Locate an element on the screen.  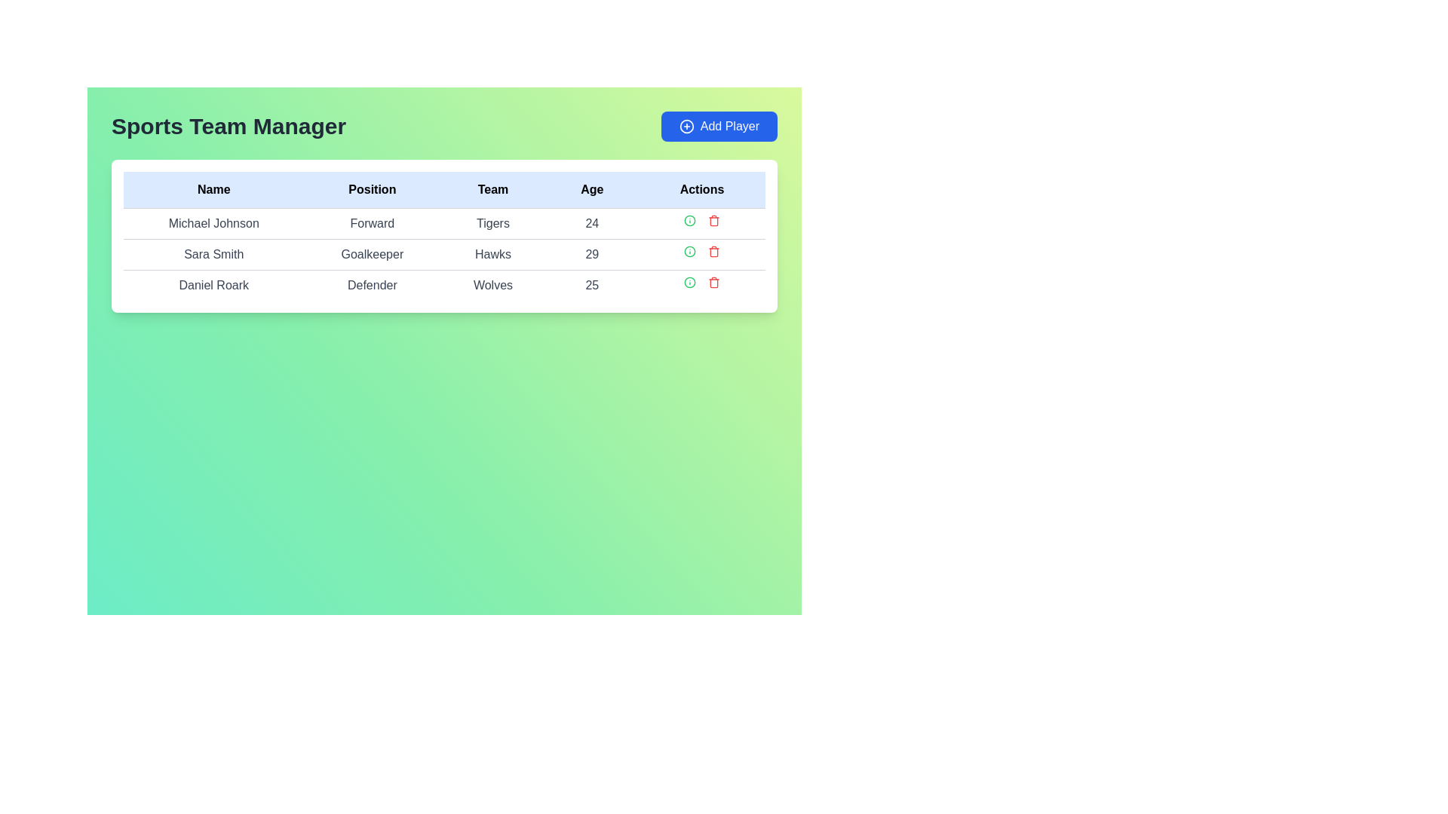
the actions of the circular component within the graphical icon that symbolizes adding a player, located to the left of the 'Add Player' button is located at coordinates (686, 126).